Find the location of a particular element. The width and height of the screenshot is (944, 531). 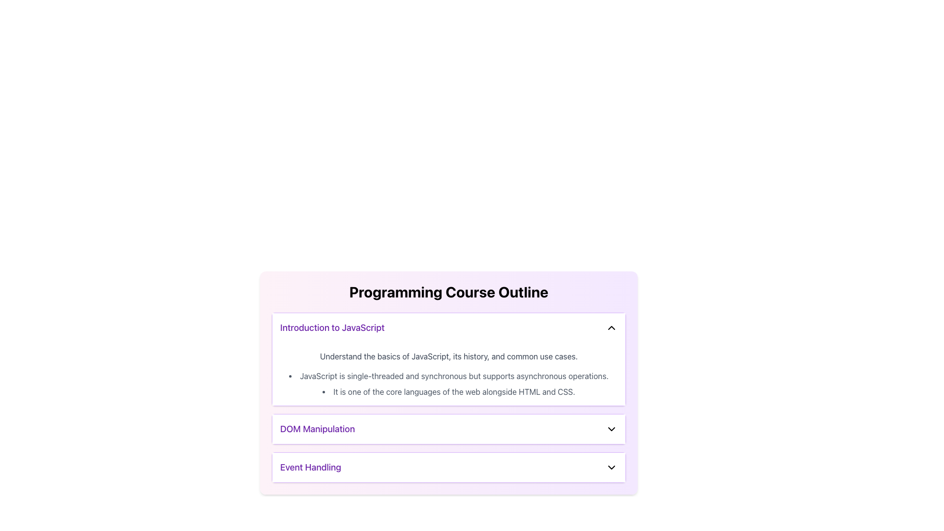

the 'DOM Manipulation' expanding panel in the programming course outline is located at coordinates (448, 428).